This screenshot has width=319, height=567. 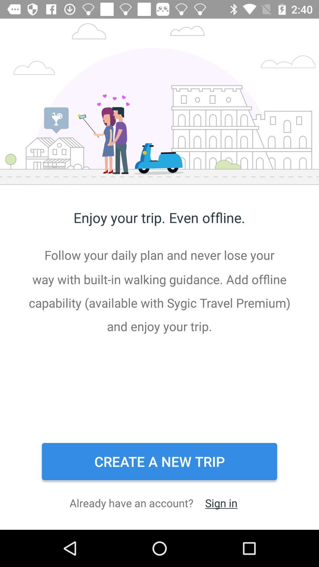 What do you see at coordinates (221, 503) in the screenshot?
I see `the sign in item` at bounding box center [221, 503].